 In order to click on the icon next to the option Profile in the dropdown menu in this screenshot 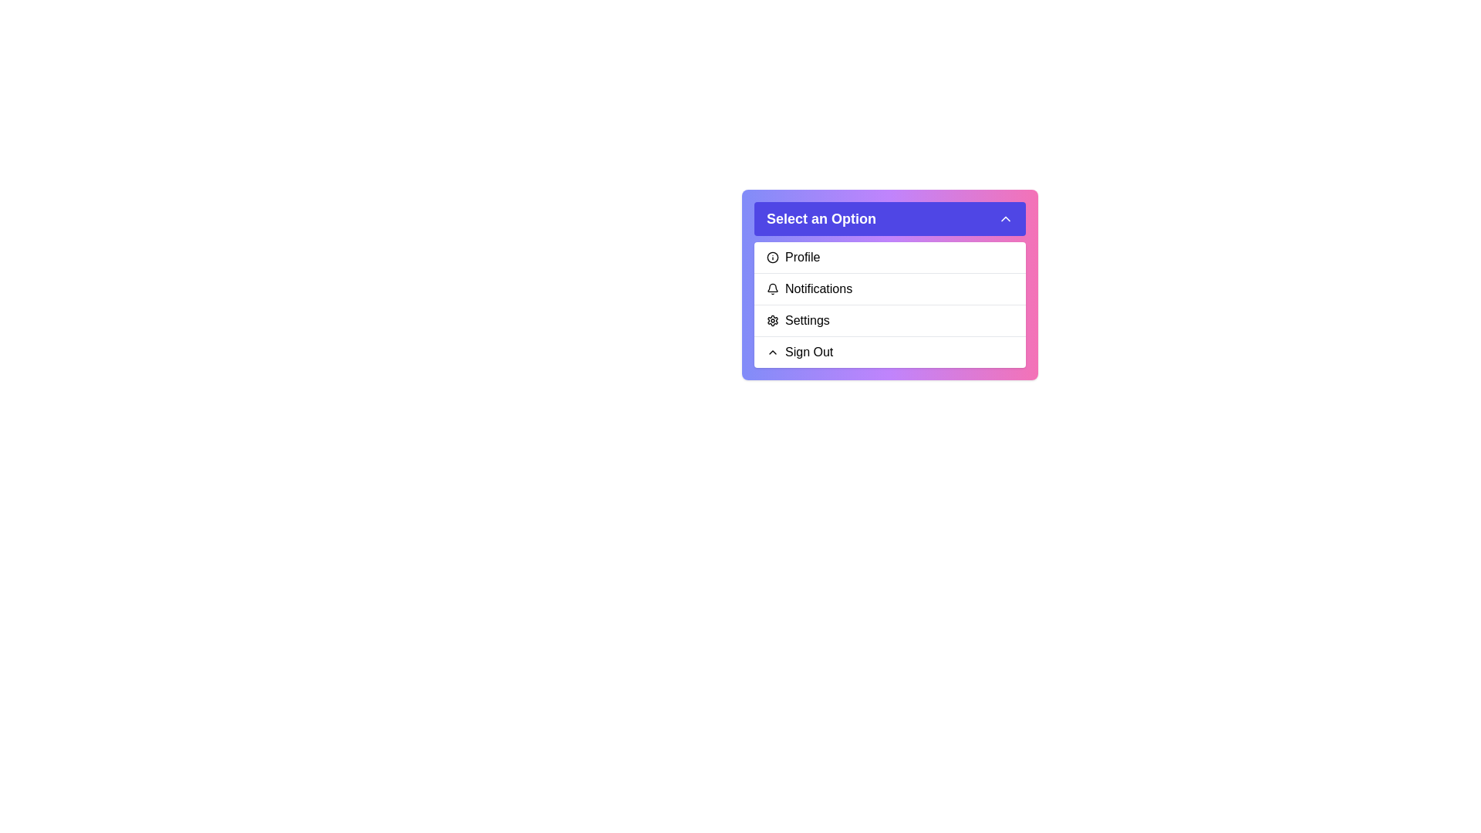, I will do `click(773, 257)`.